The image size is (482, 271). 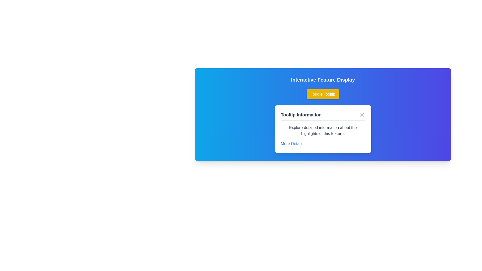 I want to click on the text block that says 'Explore detailed information about the highlights of this feature.' located in the tooltip modal below the main heading, so click(x=323, y=130).